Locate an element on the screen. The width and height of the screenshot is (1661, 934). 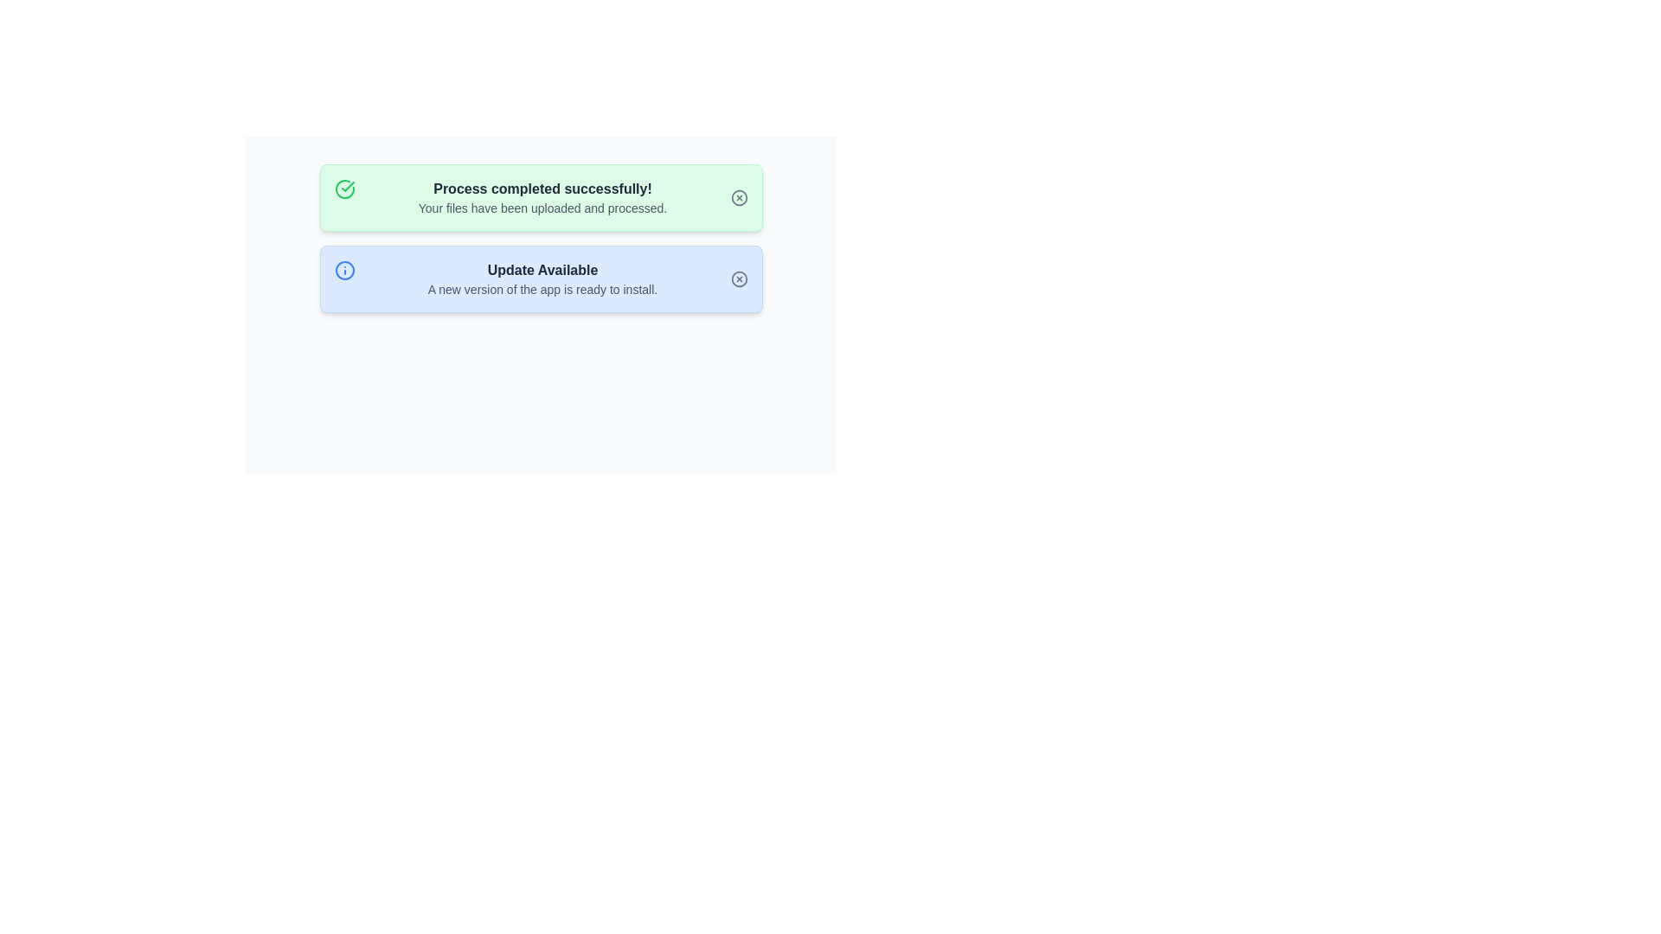
the close button located in the top-right corner of the green notification bar labeled 'Process completed successfully!' is located at coordinates (739, 196).